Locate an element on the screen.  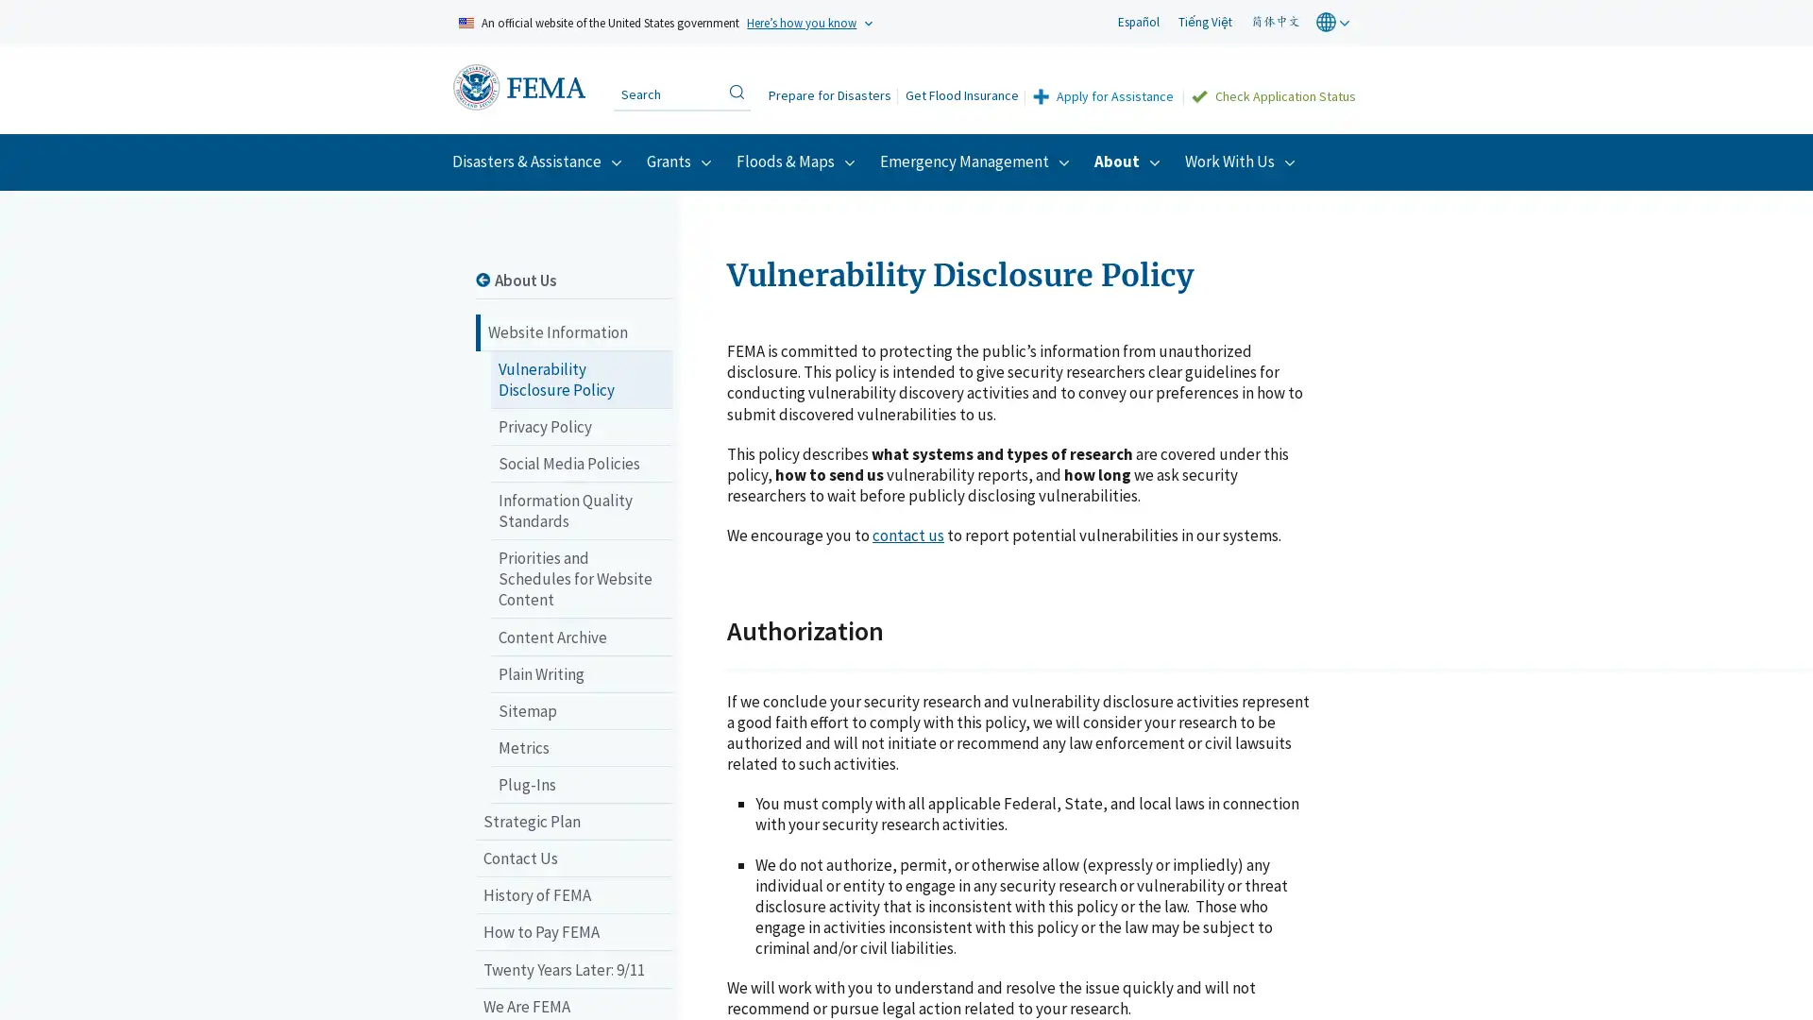
world globe is located at coordinates (1334, 22).